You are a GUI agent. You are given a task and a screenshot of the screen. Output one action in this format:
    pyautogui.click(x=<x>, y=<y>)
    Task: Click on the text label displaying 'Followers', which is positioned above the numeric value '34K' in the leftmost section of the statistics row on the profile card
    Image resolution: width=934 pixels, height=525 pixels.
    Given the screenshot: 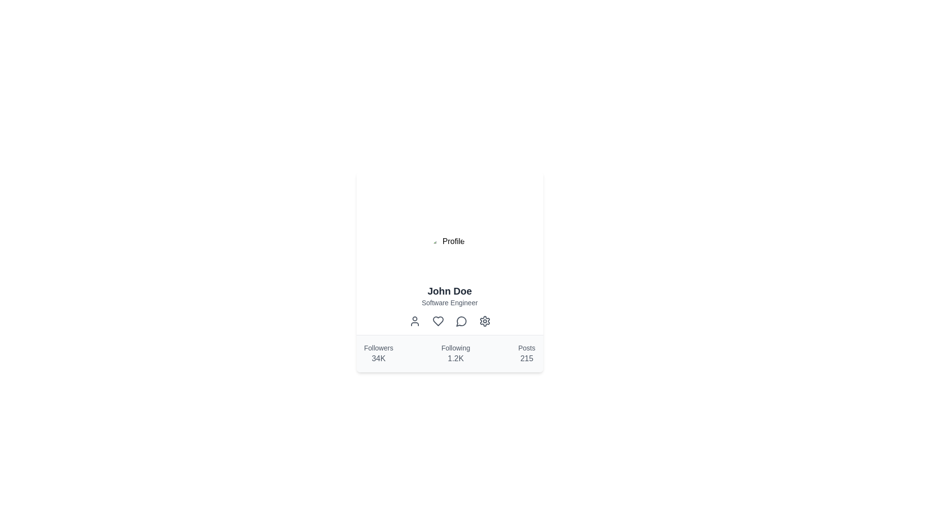 What is the action you would take?
    pyautogui.click(x=378, y=348)
    